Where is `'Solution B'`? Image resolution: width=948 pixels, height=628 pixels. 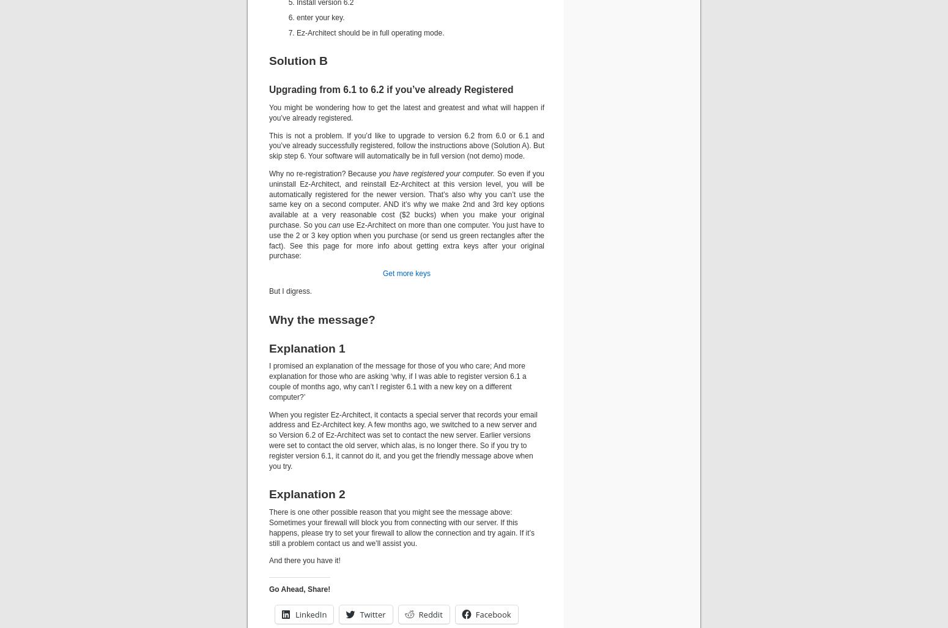 'Solution B' is located at coordinates (297, 60).